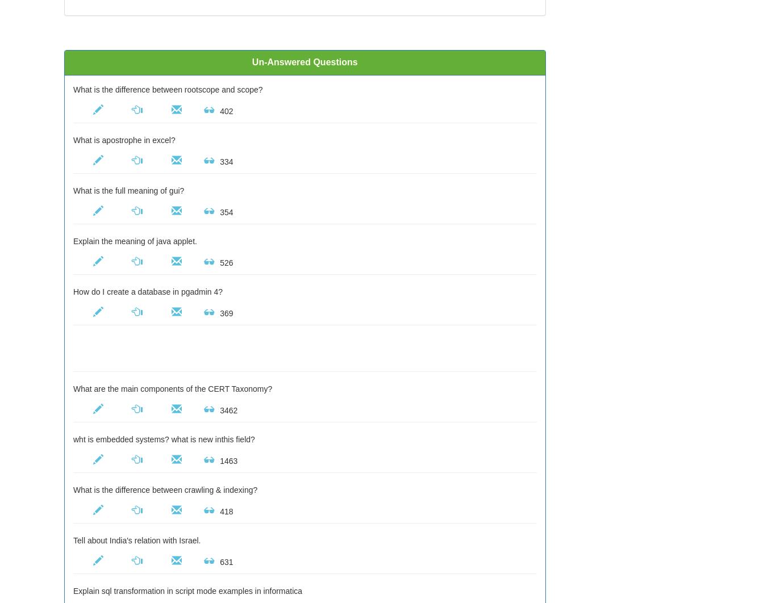 This screenshot has height=603, width=776. I want to click on 'What is the difference between rootscope and scope?', so click(168, 90).